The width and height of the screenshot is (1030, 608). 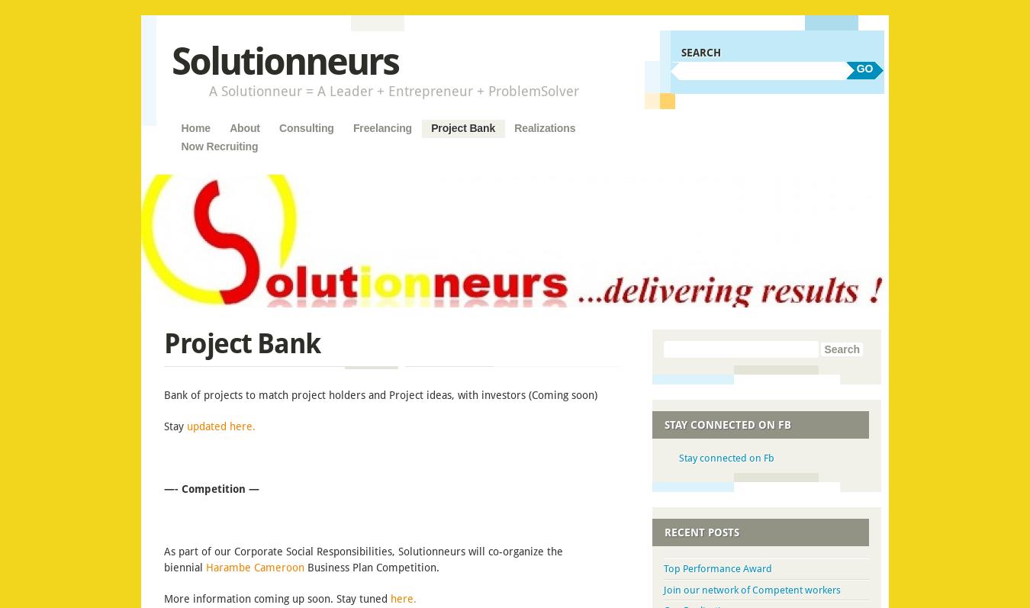 I want to click on 'Harambe Cameroon', so click(x=205, y=566).